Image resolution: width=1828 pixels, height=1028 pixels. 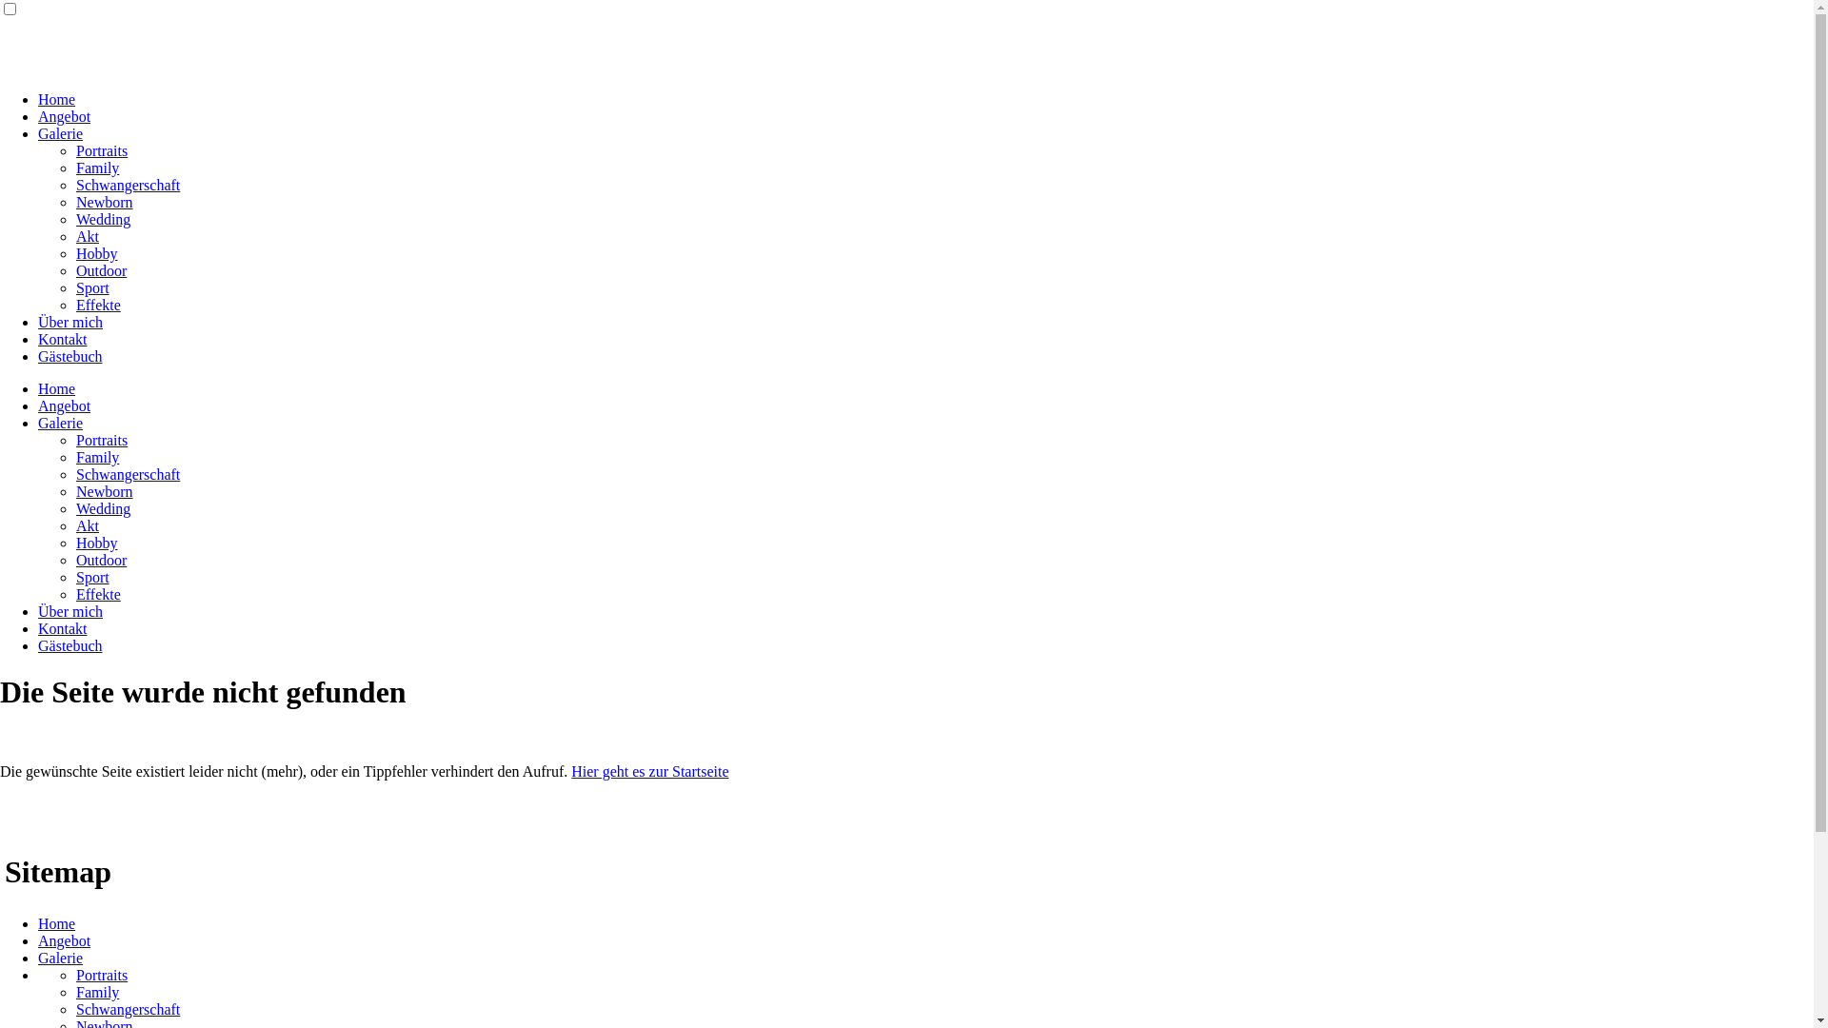 I want to click on 'Hier geht es zur Startseite', so click(x=649, y=771).